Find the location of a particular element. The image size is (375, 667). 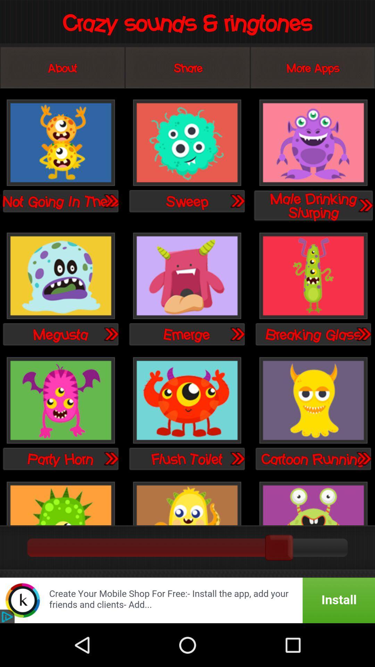

tune is located at coordinates (110, 200).